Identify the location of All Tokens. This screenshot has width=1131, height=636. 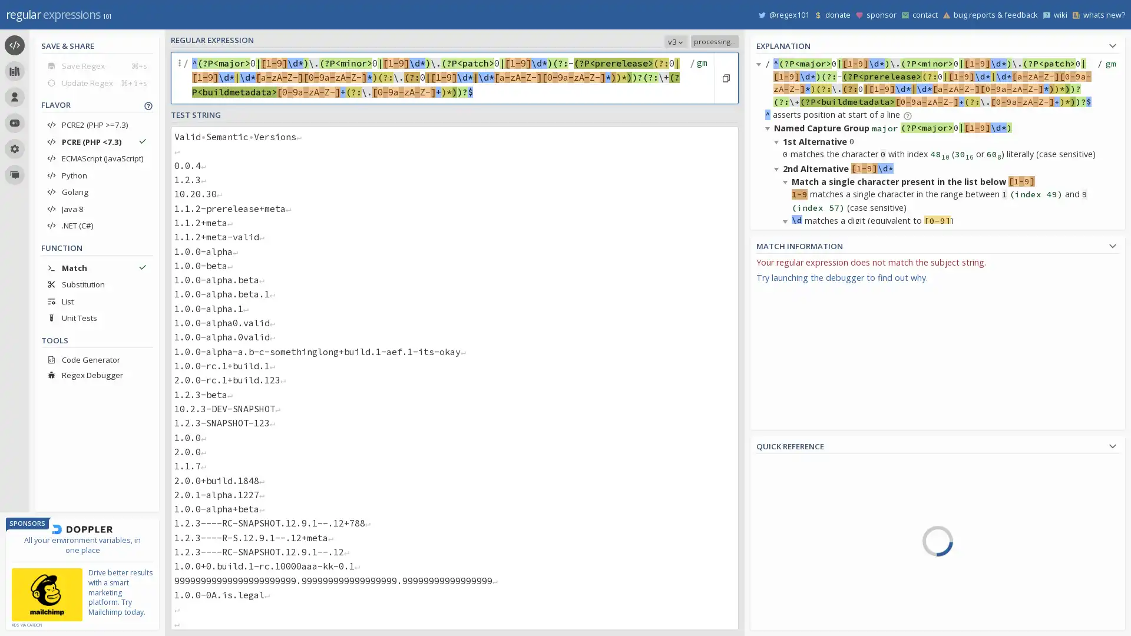
(811, 488).